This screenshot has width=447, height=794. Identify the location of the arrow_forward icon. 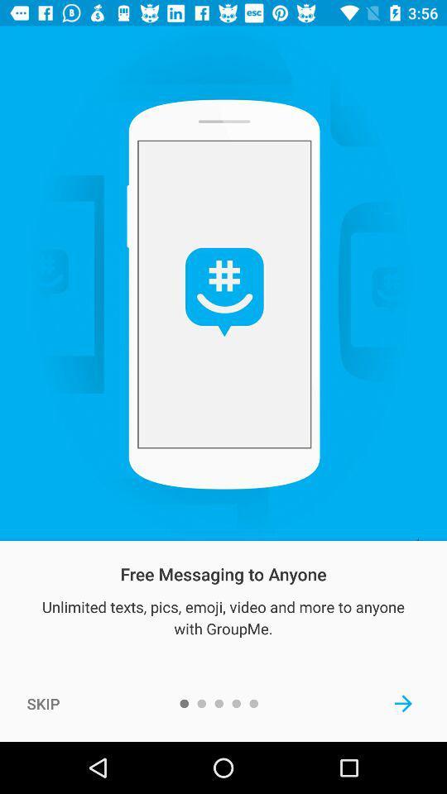
(402, 702).